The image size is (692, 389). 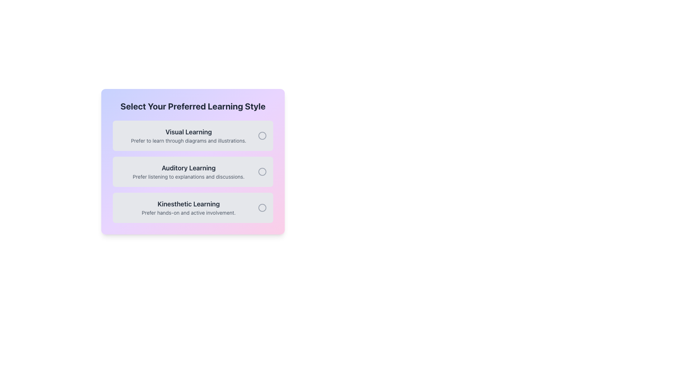 What do you see at coordinates (193, 208) in the screenshot?
I see `the Interactive card for 'Kinesthetic Learning' preference, which is the third card in the list of learning style preferences` at bounding box center [193, 208].